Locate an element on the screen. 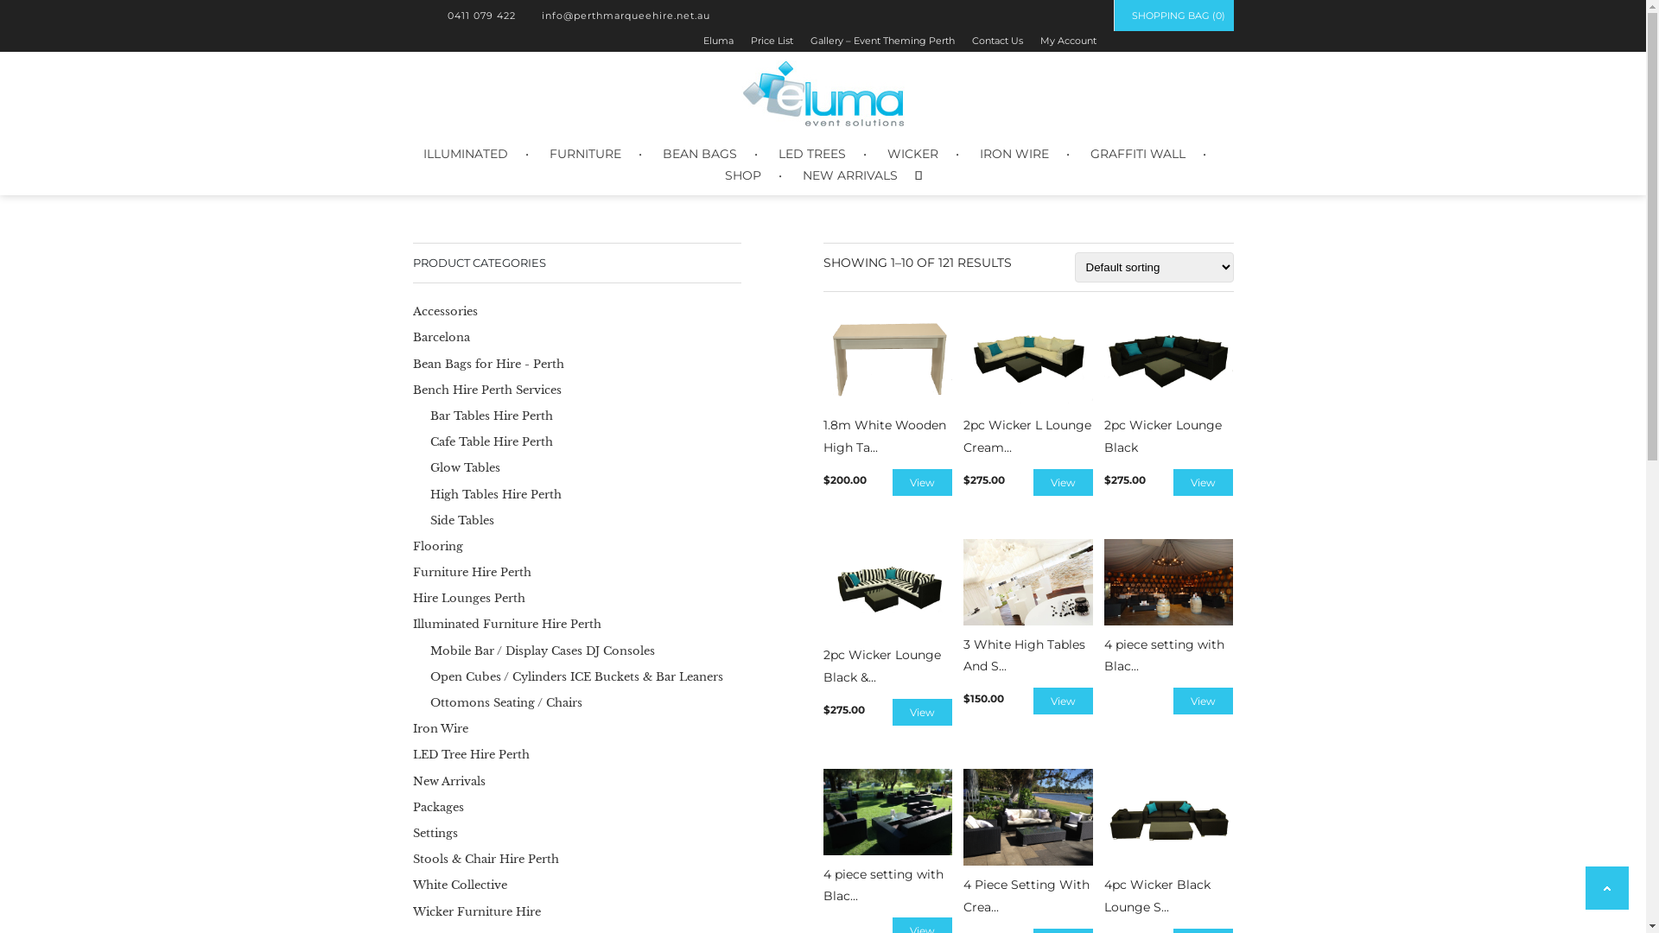 This screenshot has width=1659, height=933. 'Flooring' is located at coordinates (438, 546).